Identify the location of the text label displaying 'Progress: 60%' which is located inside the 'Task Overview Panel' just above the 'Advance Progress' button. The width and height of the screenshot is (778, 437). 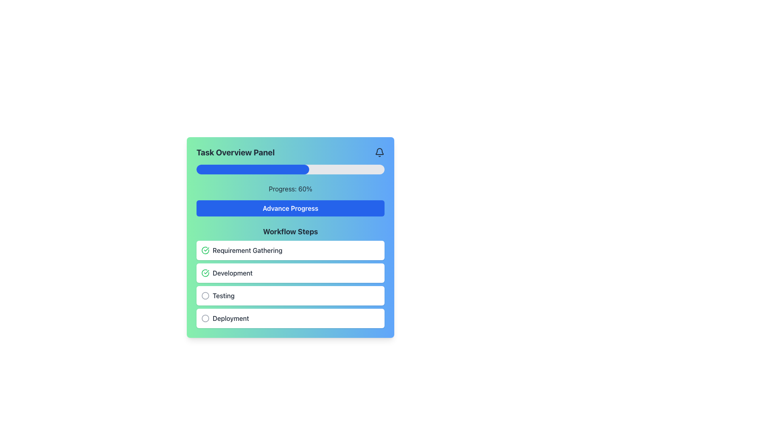
(290, 189).